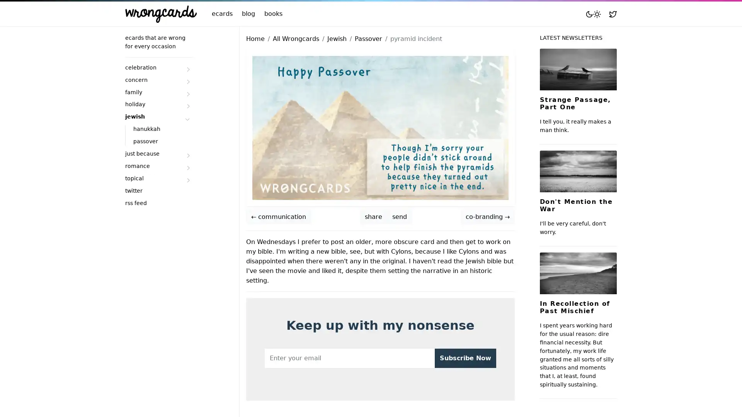 This screenshot has height=417, width=742. What do you see at coordinates (187, 167) in the screenshot?
I see `Submenu` at bounding box center [187, 167].